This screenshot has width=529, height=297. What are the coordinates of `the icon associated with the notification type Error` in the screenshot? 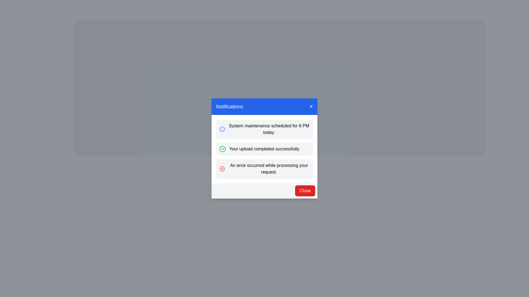 It's located at (222, 168).